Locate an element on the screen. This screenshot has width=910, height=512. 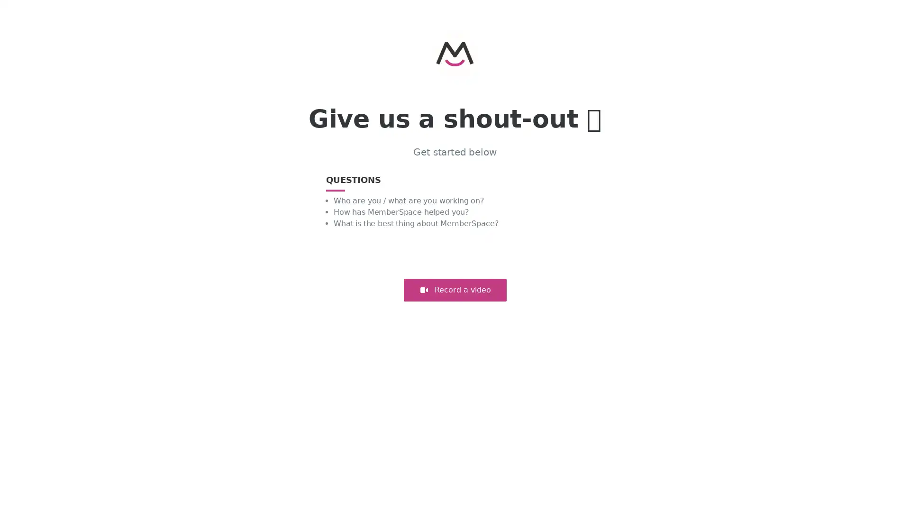
Record a video is located at coordinates (454, 290).